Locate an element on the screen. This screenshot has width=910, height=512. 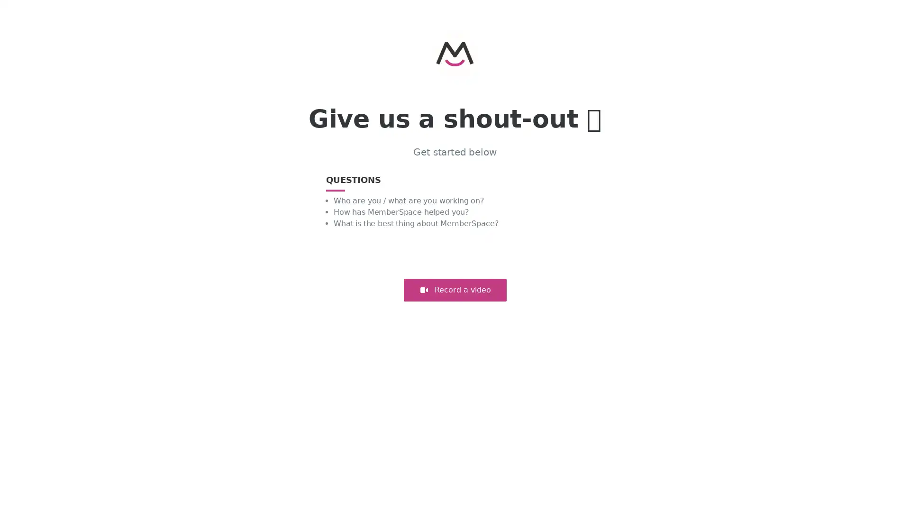
Record a video is located at coordinates (454, 290).